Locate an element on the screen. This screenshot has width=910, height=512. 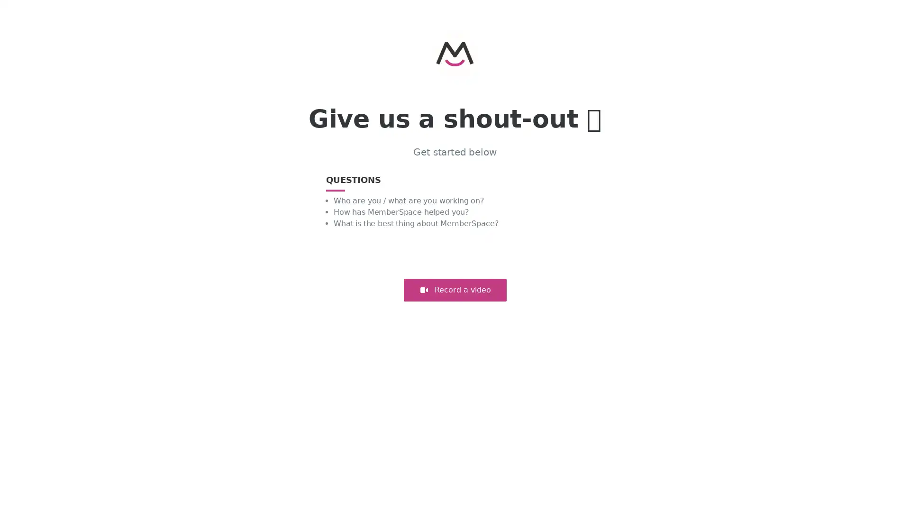
Record a video is located at coordinates (454, 290).